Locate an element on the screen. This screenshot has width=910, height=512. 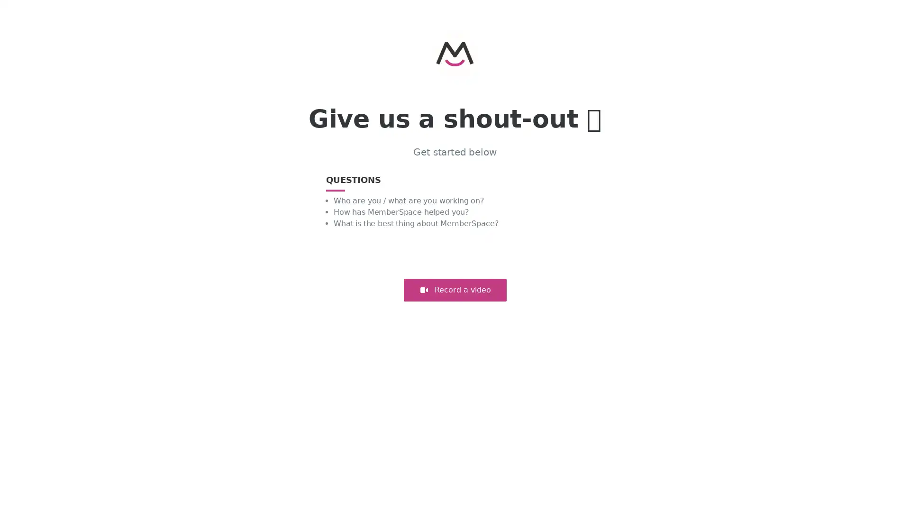
Record a video is located at coordinates (454, 290).